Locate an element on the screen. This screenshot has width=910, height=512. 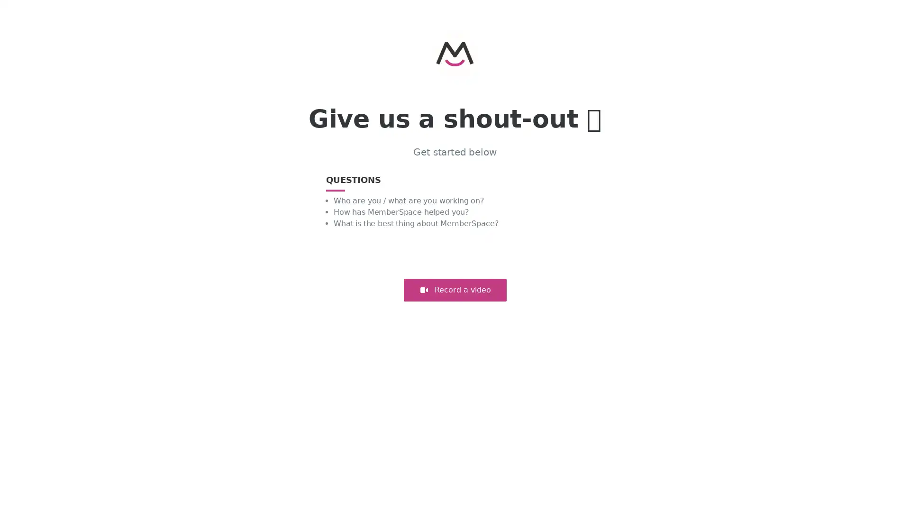
Record a video is located at coordinates (454, 290).